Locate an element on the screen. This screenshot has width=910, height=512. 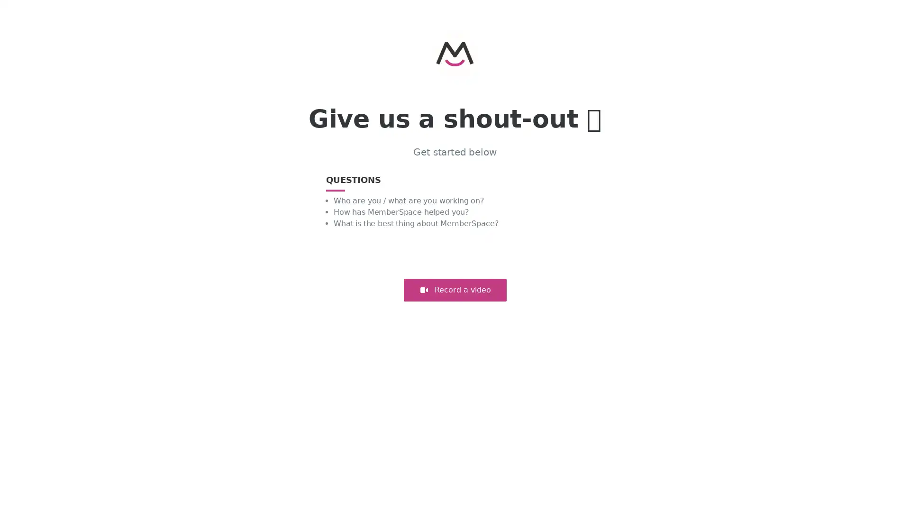
Record a video is located at coordinates (454, 290).